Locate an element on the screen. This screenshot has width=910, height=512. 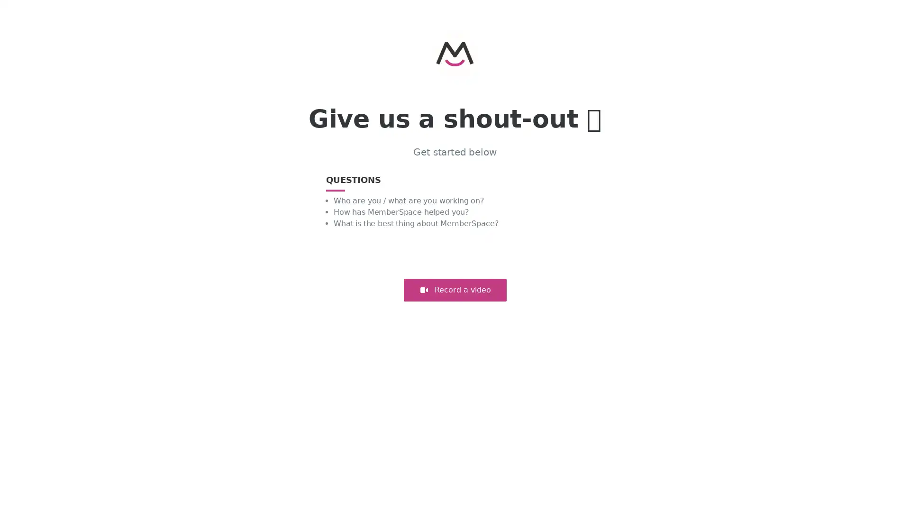
Record a video is located at coordinates (454, 290).